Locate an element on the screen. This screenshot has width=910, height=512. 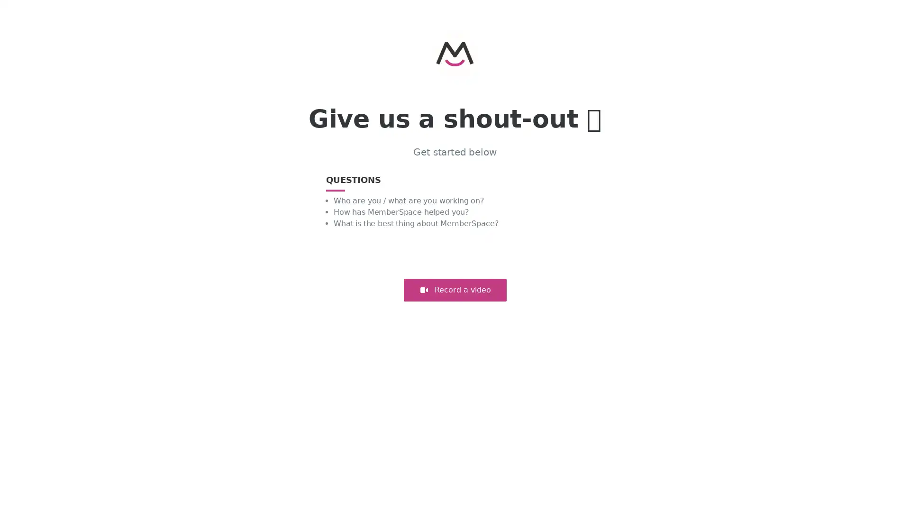
Record a video is located at coordinates (454, 290).